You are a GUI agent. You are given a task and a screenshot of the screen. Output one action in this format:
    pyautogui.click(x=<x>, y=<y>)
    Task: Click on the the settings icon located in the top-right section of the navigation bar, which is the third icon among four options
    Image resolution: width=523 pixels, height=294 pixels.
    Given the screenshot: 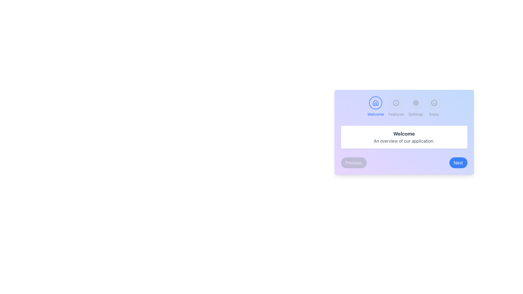 What is the action you would take?
    pyautogui.click(x=415, y=103)
    